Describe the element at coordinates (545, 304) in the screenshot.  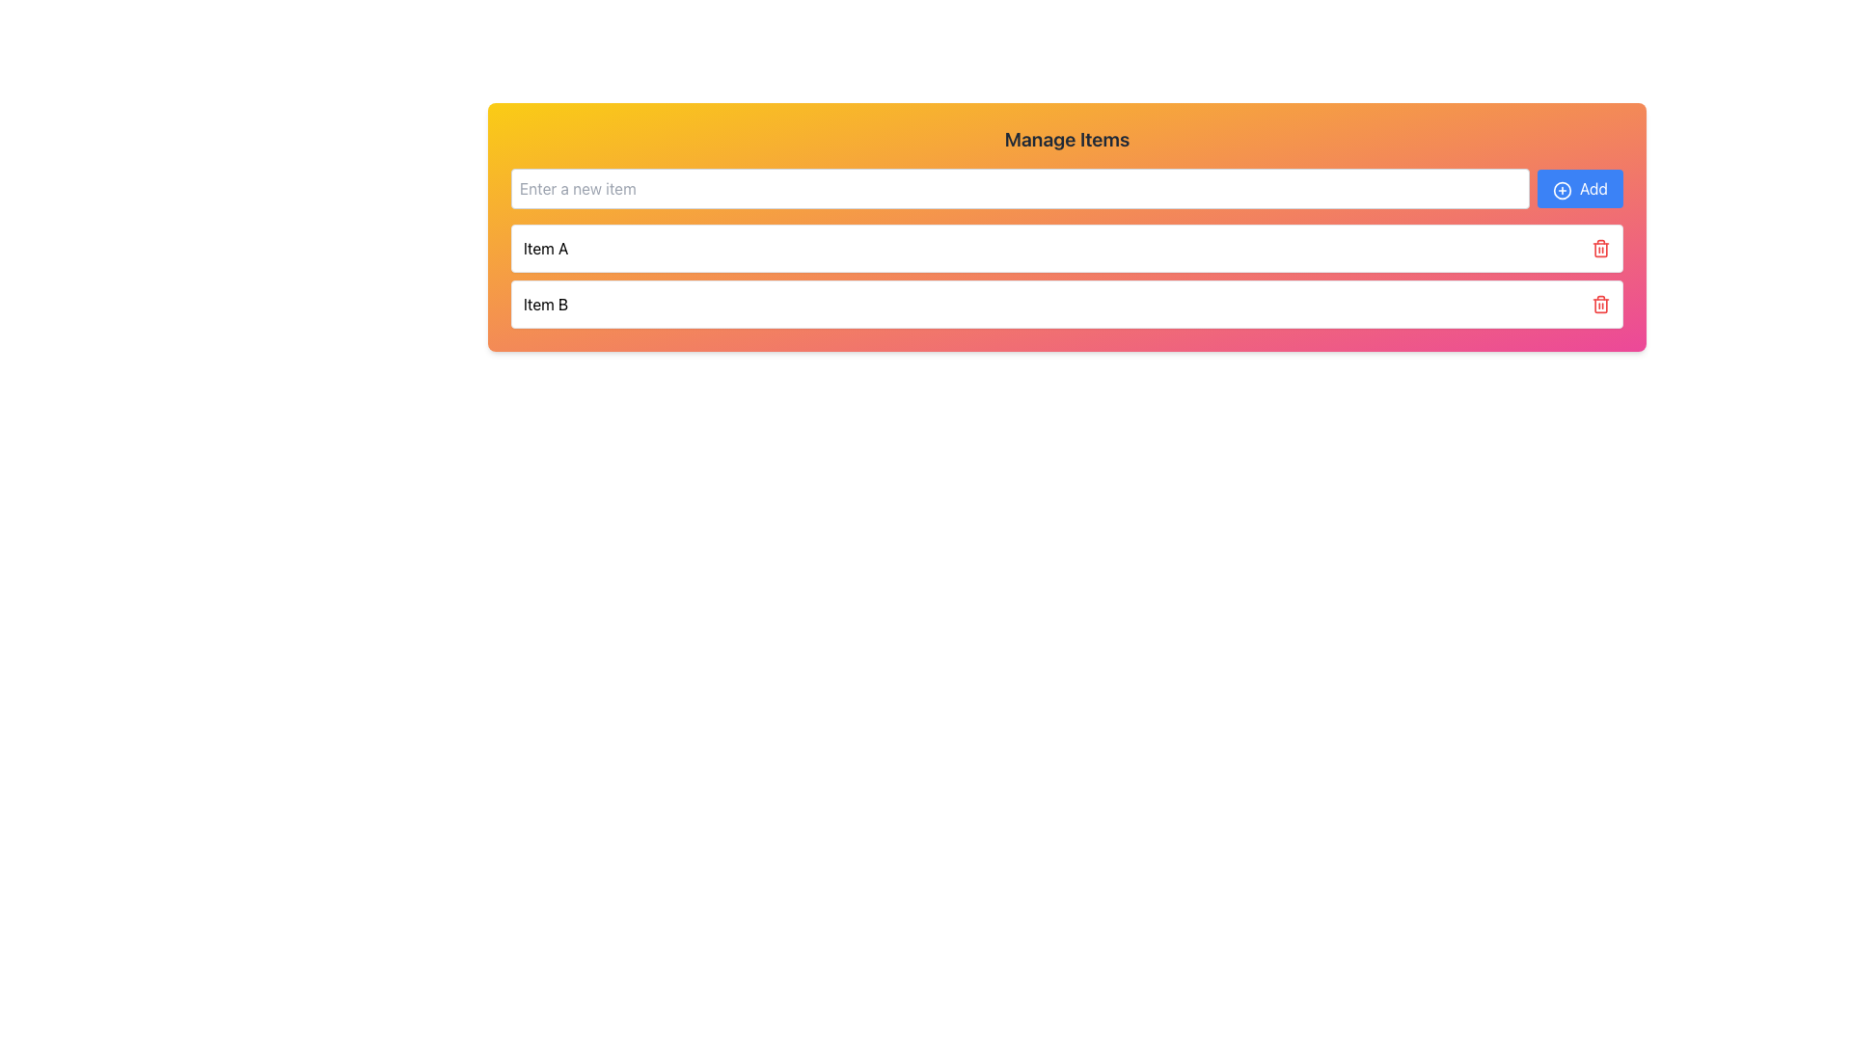
I see `the text label 'Item B' located within the second list item card under the title 'Manage Items'` at that location.